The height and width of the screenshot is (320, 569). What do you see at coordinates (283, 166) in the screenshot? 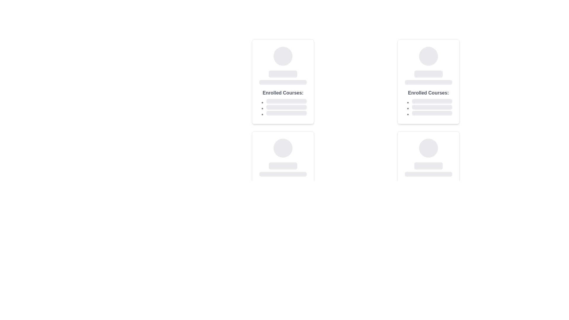
I see `the Loading Placeholder element, which is centrally aligned within a card layout, positioned above a wider placeholder bar and below other card elements` at bounding box center [283, 166].